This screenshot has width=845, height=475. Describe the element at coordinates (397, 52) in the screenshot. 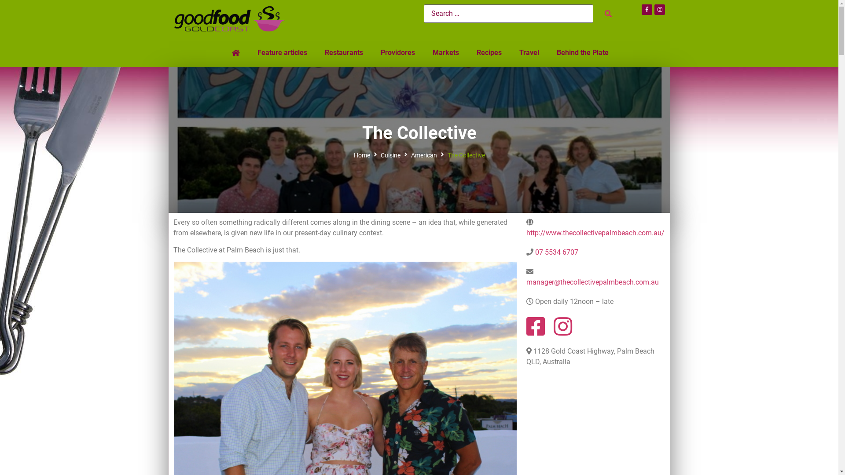

I see `'Providores'` at that location.